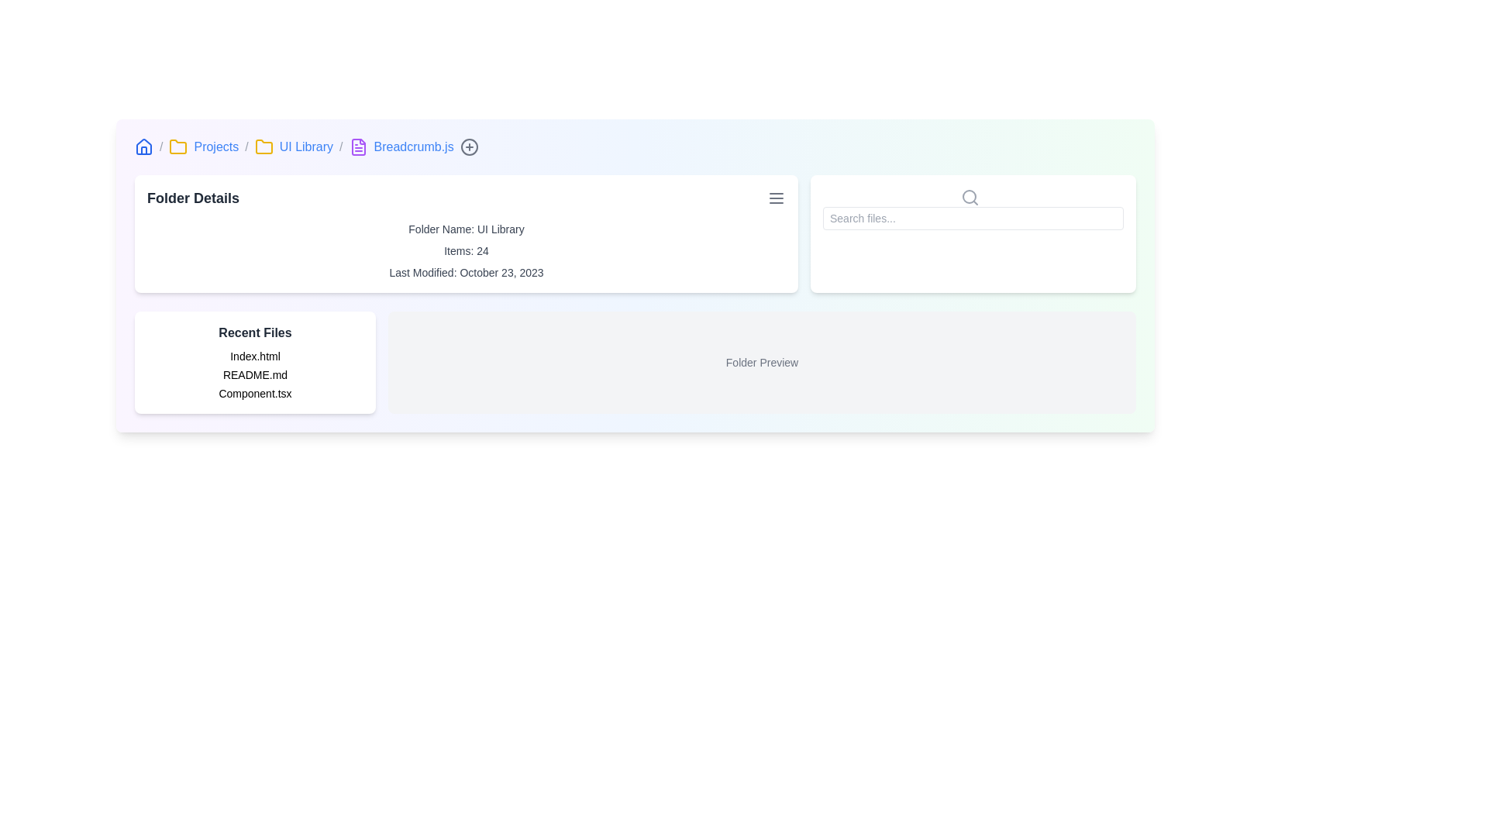 Image resolution: width=1488 pixels, height=837 pixels. Describe the element at coordinates (969, 195) in the screenshot. I see `the decorative circle element of the search icon, which visually represents the lens of a magnifying glass and is located slightly to the right of the input field in the top-right section of the interface` at that location.